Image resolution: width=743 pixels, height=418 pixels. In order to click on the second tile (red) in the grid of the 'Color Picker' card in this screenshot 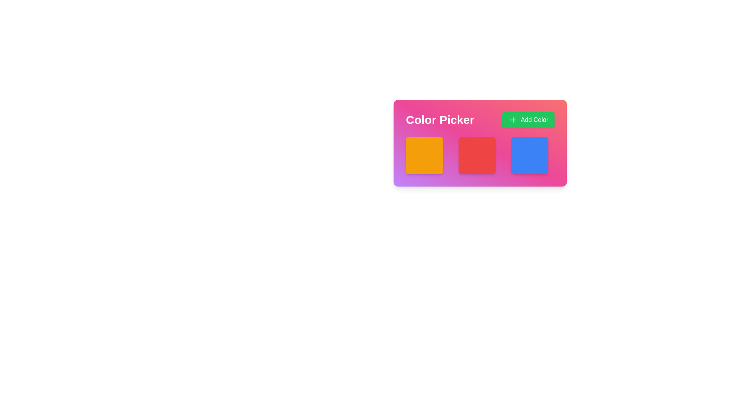, I will do `click(480, 155)`.